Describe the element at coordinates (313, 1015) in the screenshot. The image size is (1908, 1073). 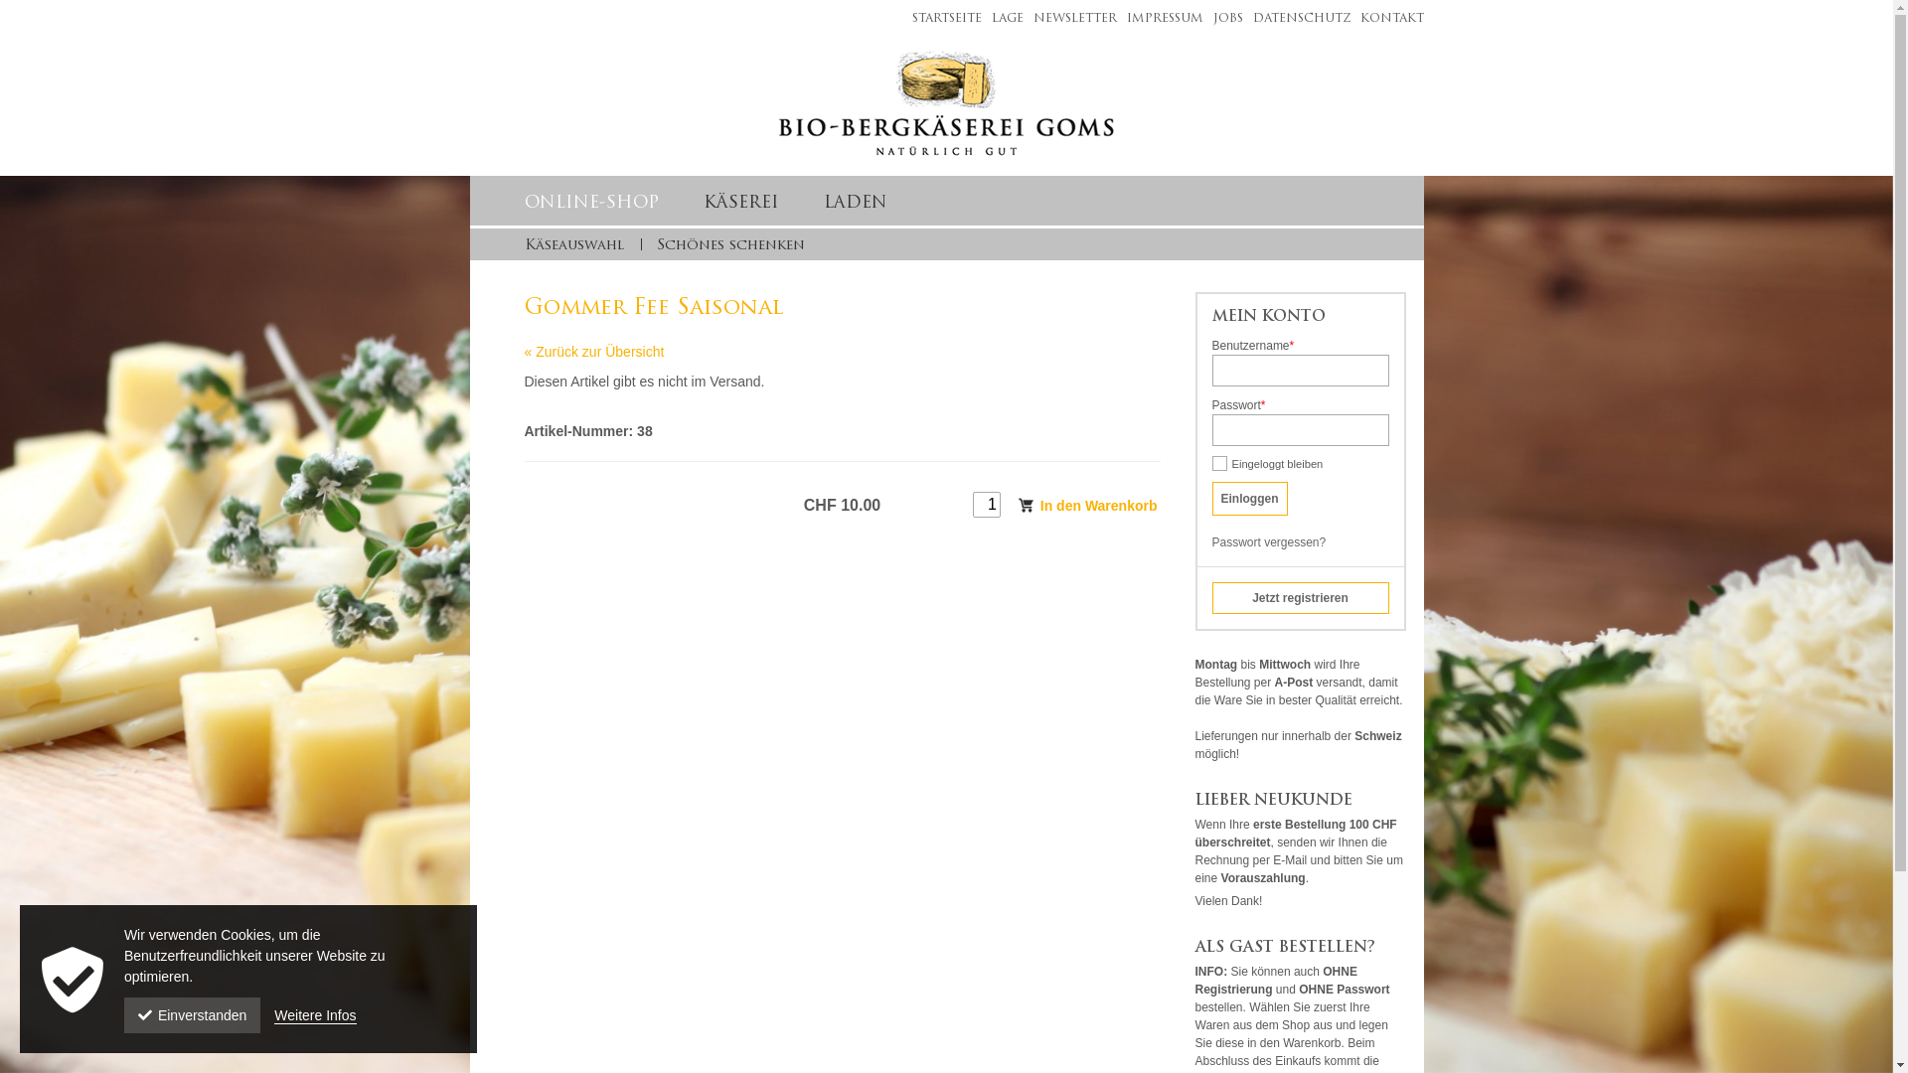
I see `'Weitere Infos'` at that location.